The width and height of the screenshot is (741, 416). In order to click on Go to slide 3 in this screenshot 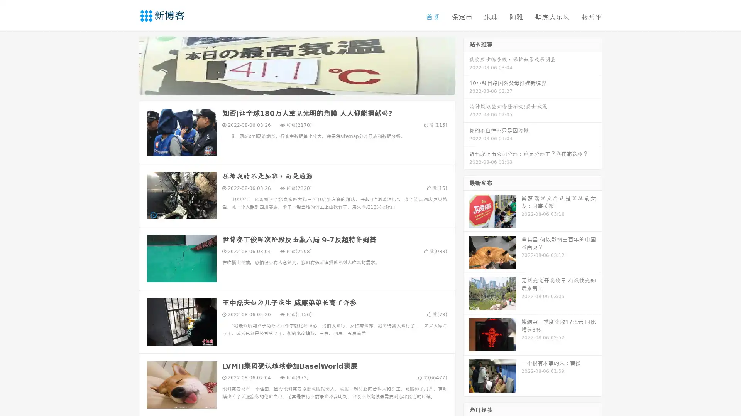, I will do `click(305, 87)`.